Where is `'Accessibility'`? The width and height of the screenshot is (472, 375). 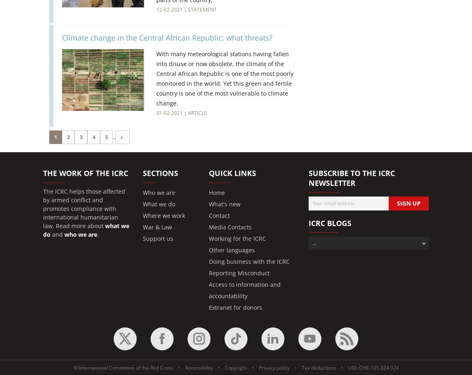
'Accessibility' is located at coordinates (199, 367).